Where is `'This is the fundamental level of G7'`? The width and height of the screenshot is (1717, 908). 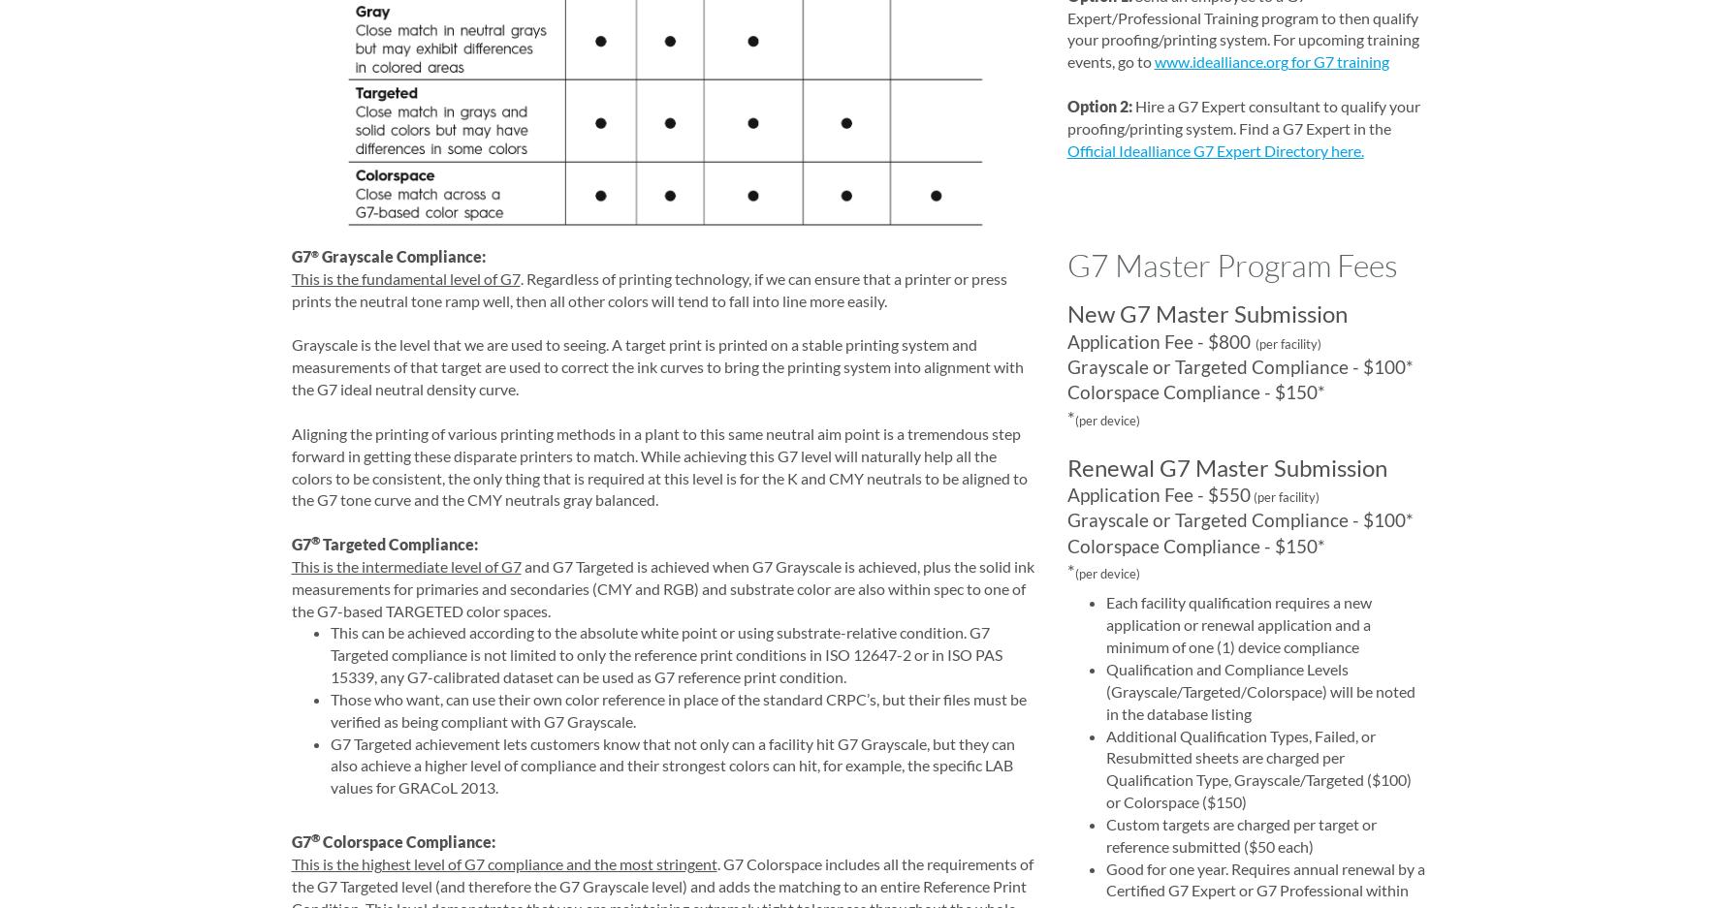
'This is the fundamental level of G7' is located at coordinates (404, 277).